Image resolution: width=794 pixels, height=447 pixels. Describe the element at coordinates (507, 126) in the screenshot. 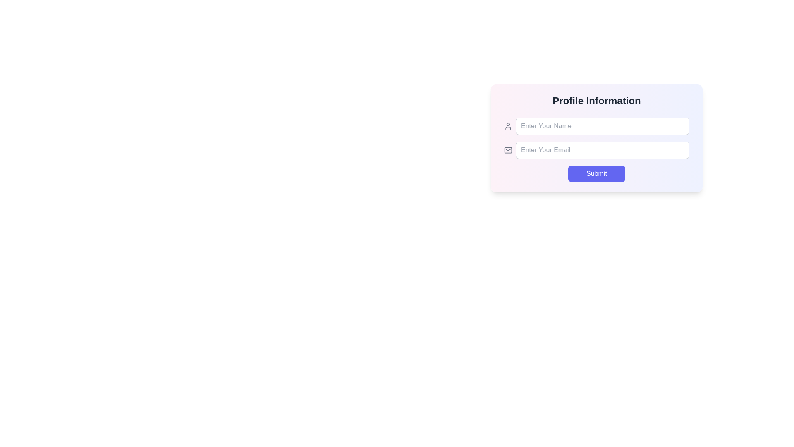

I see `the user profile icon, which is a small gray circular icon resembling a person, located to the left of the 'Enter Your Name' text input box` at that location.